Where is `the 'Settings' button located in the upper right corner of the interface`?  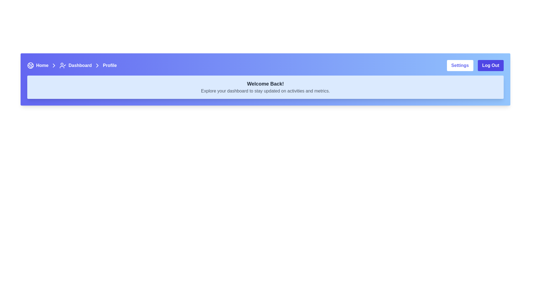 the 'Settings' button located in the upper right corner of the interface is located at coordinates (460, 65).